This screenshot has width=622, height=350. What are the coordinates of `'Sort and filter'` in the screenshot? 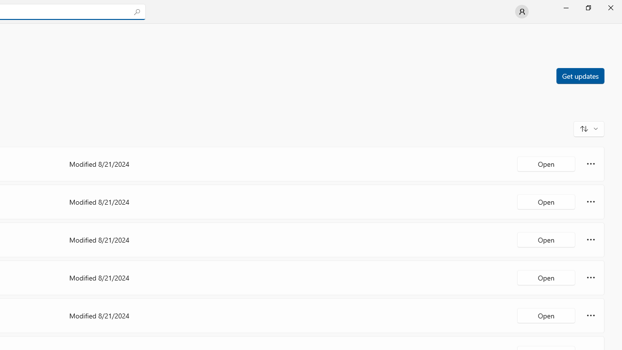 It's located at (588, 128).